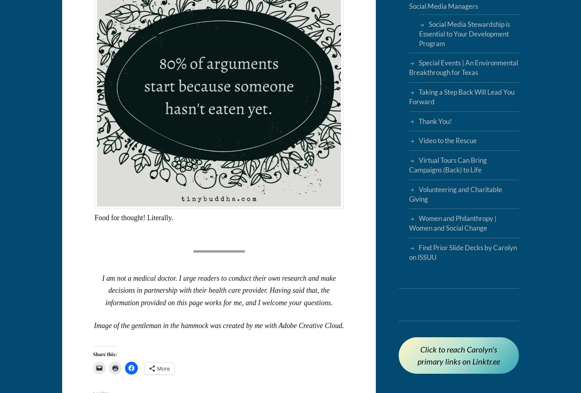 The height and width of the screenshot is (393, 581). Describe the element at coordinates (462, 252) in the screenshot. I see `'Find Prior Slide Decks by Carolyn on ISSUU'` at that location.